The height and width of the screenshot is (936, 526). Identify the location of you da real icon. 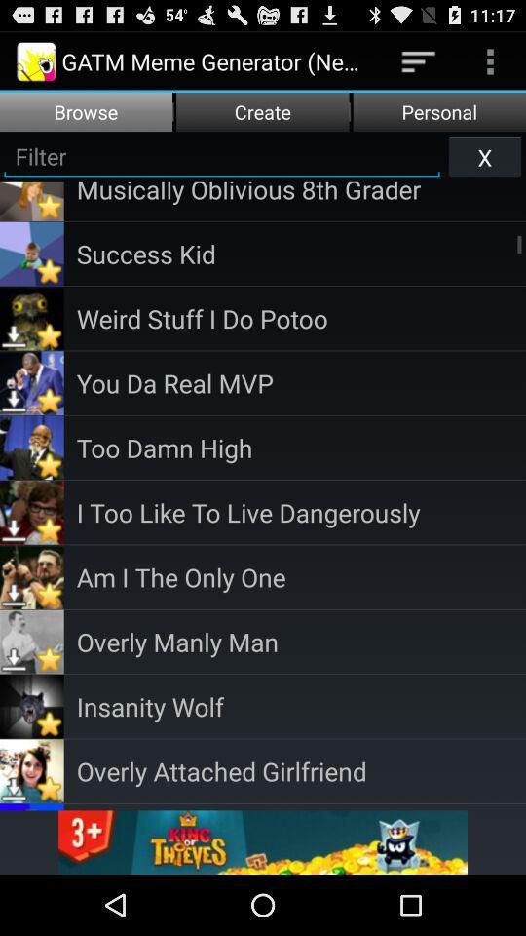
(301, 381).